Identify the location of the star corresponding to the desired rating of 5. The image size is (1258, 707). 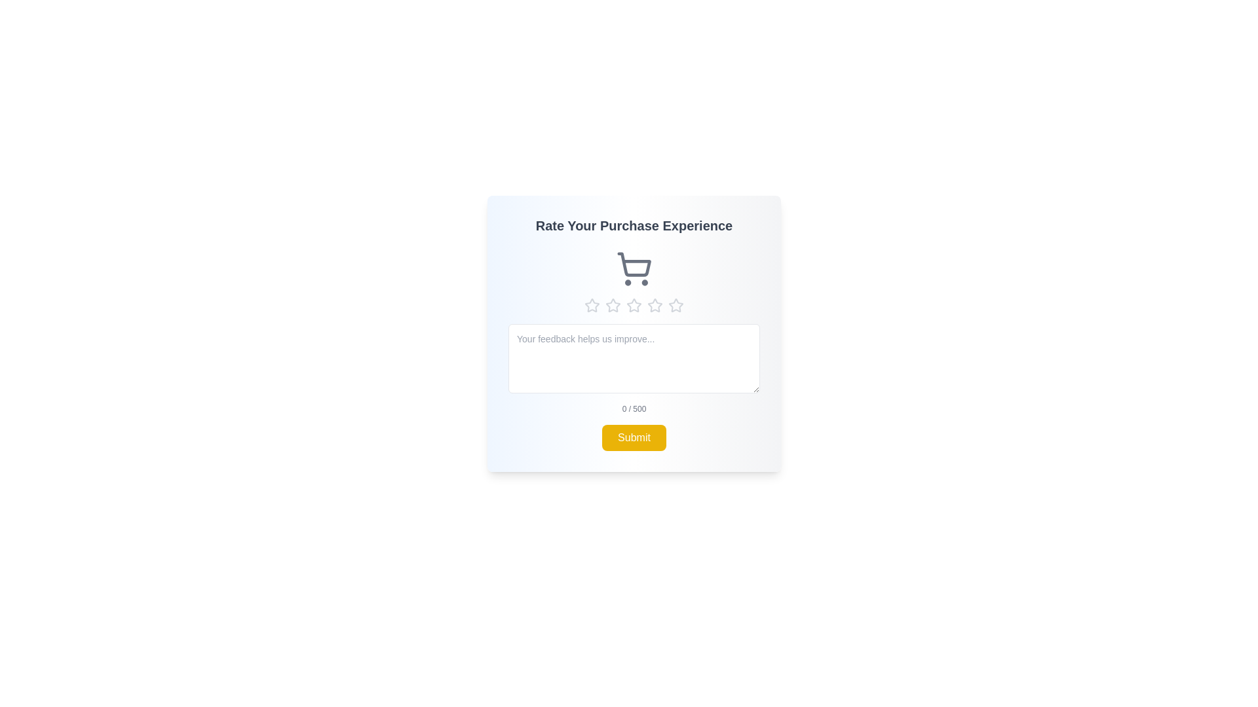
(676, 305).